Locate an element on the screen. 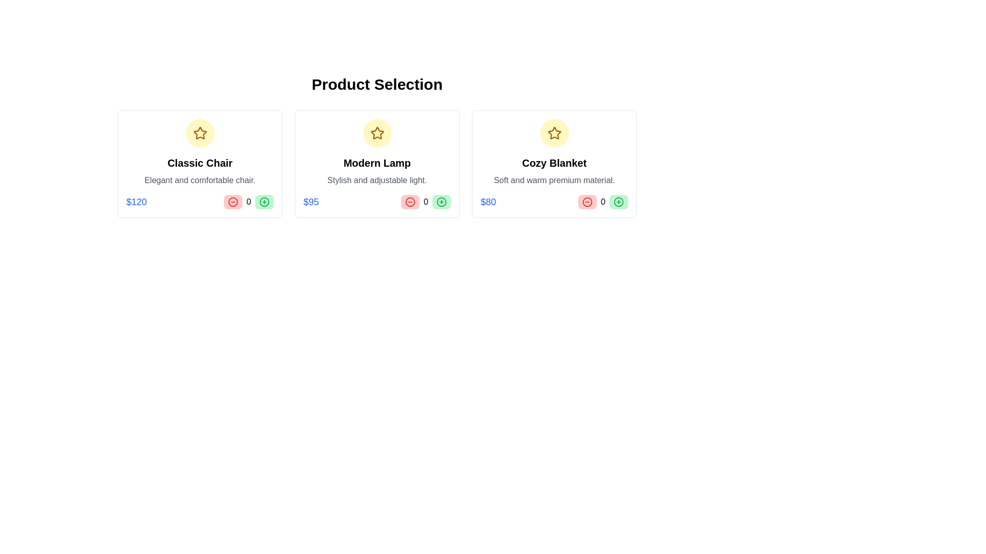  the prominently displayed header text labeled 'Product Selection,' which is styled with bold and large font and is horizontally centered at the top of the layout is located at coordinates (376, 84).